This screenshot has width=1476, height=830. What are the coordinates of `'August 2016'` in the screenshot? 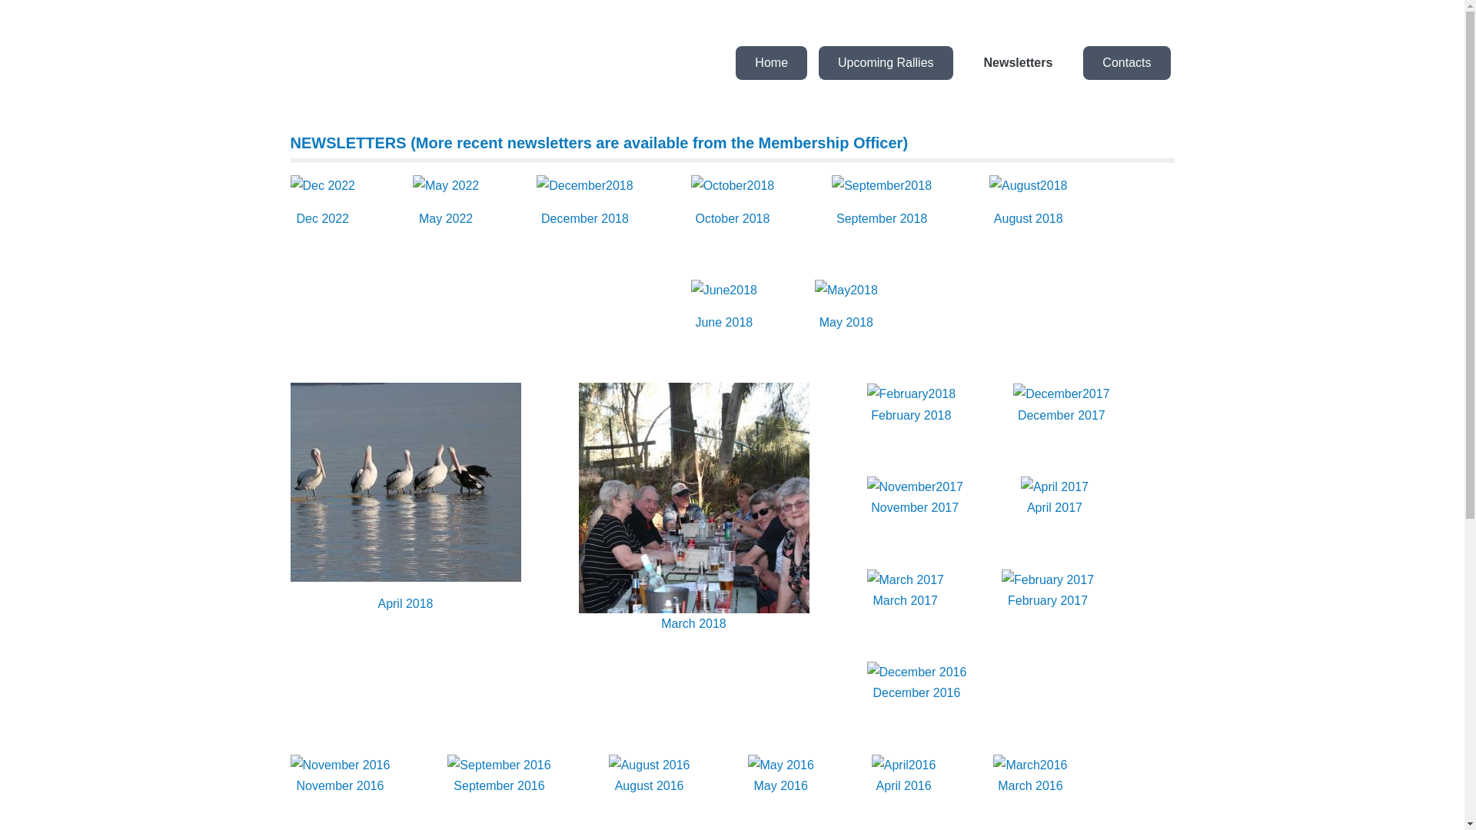 It's located at (615, 785).